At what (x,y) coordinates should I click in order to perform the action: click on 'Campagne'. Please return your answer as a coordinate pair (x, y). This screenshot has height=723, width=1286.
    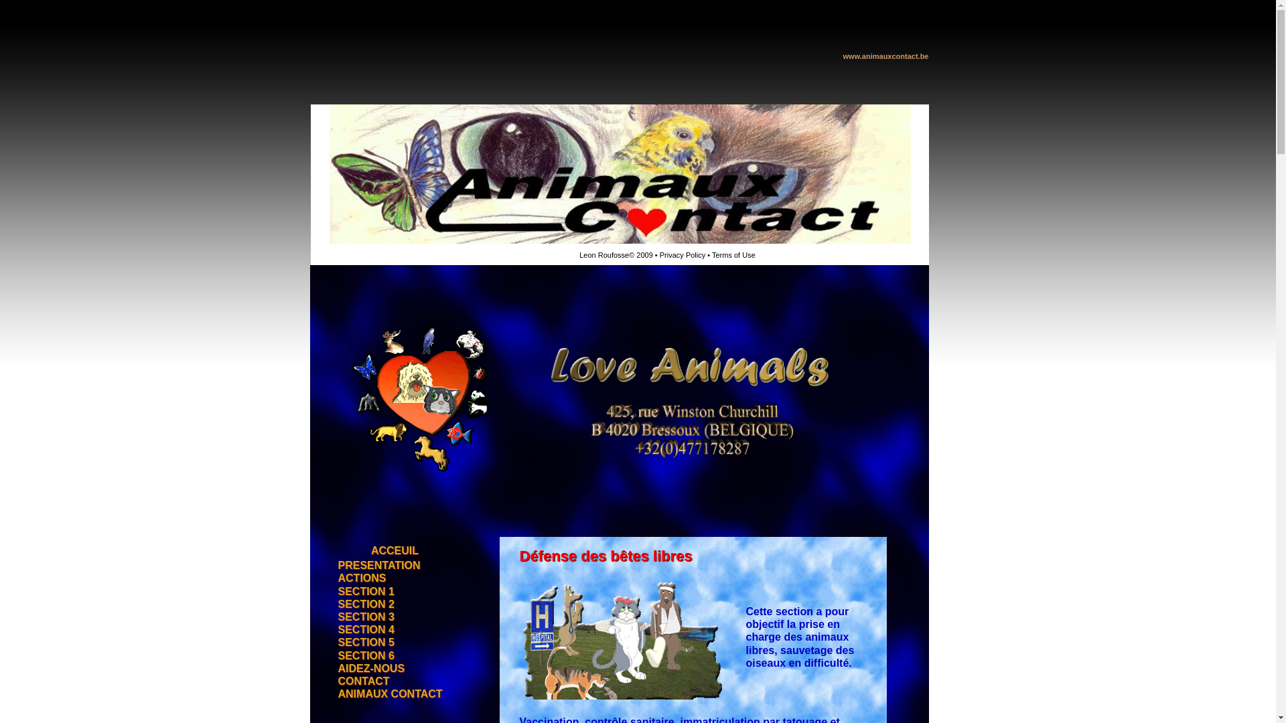
    Looking at the image, I should click on (390, 333).